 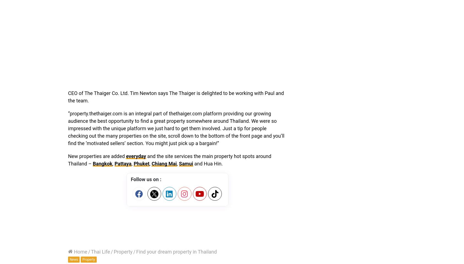 What do you see at coordinates (176, 251) in the screenshot?
I see `'Find your dream property in Thailand'` at bounding box center [176, 251].